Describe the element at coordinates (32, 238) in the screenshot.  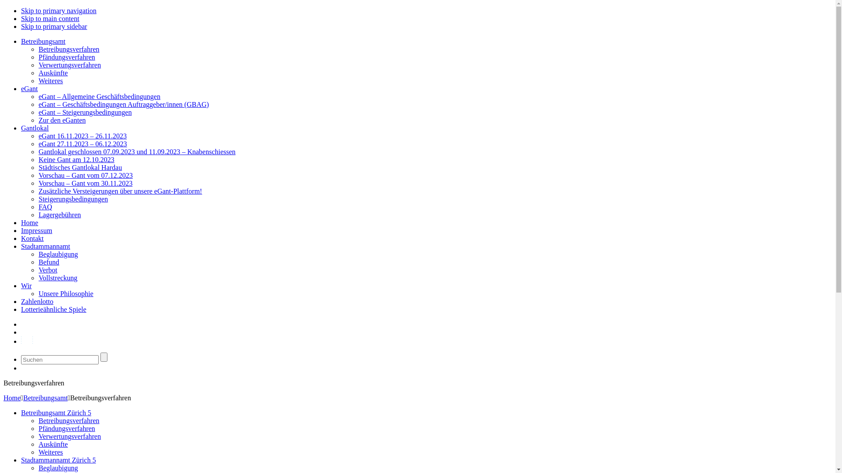
I see `'Kontakt'` at that location.